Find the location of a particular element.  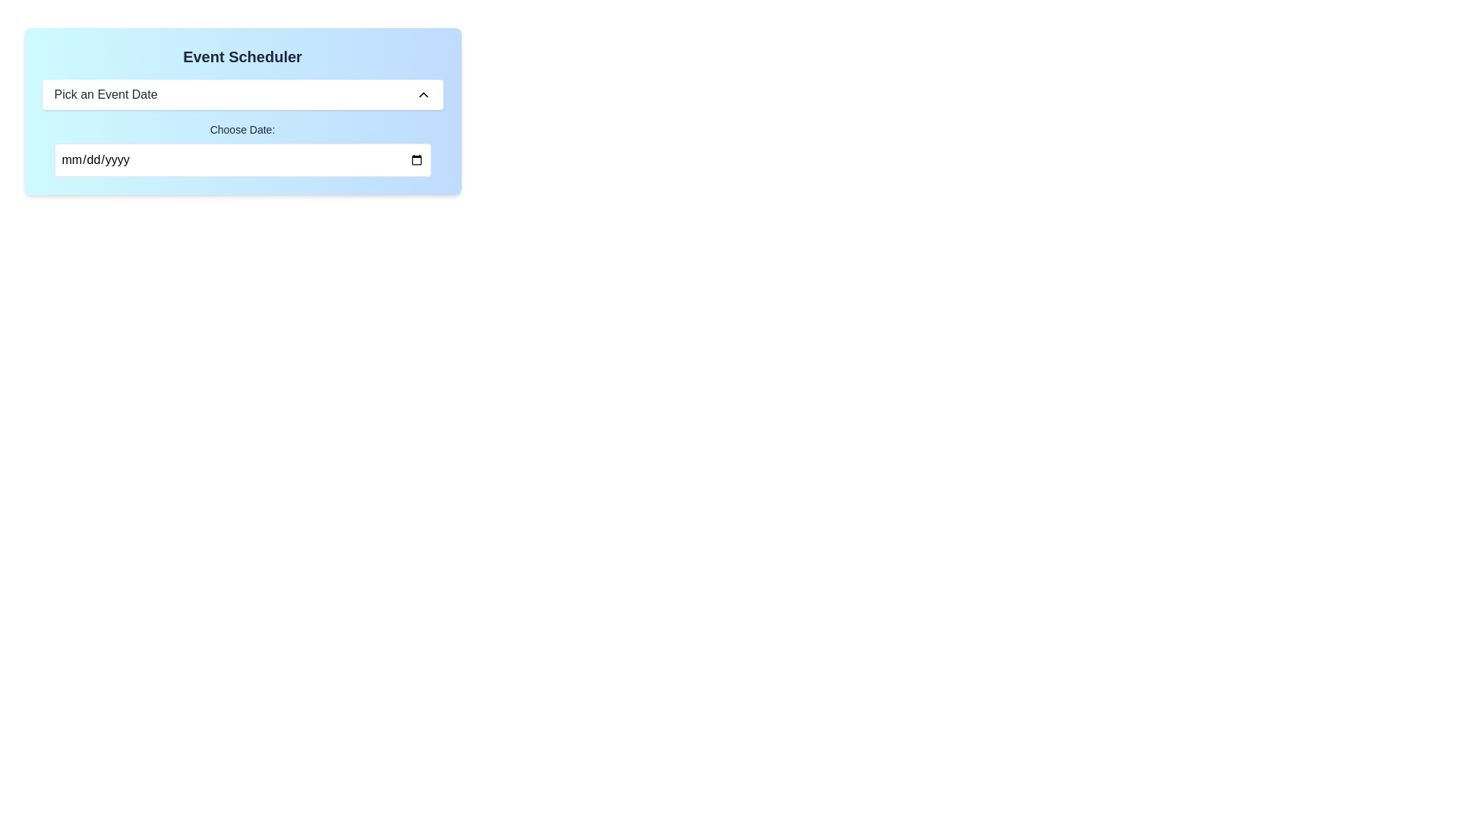

the Date input field located below the 'Pick an Event Date' section in the 'Event Scheduler' panel is located at coordinates (241, 160).